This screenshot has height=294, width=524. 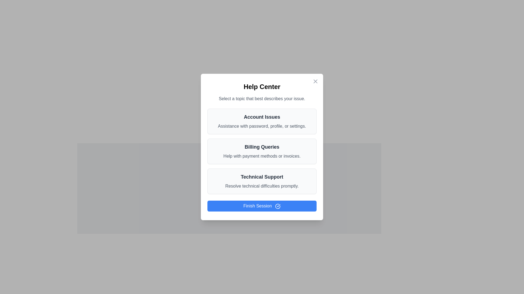 I want to click on the text label reading 'Help with payment methods or invoices.' which is located in a light gray font within a darker box, situated under the 'Billing Queries' section, so click(x=262, y=156).